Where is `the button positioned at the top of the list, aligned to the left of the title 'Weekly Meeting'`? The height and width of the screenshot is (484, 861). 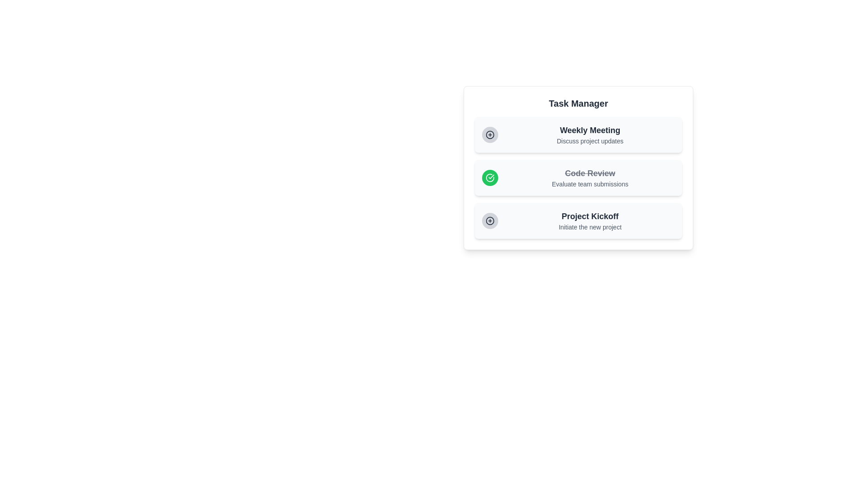
the button positioned at the top of the list, aligned to the left of the title 'Weekly Meeting' is located at coordinates (490, 134).